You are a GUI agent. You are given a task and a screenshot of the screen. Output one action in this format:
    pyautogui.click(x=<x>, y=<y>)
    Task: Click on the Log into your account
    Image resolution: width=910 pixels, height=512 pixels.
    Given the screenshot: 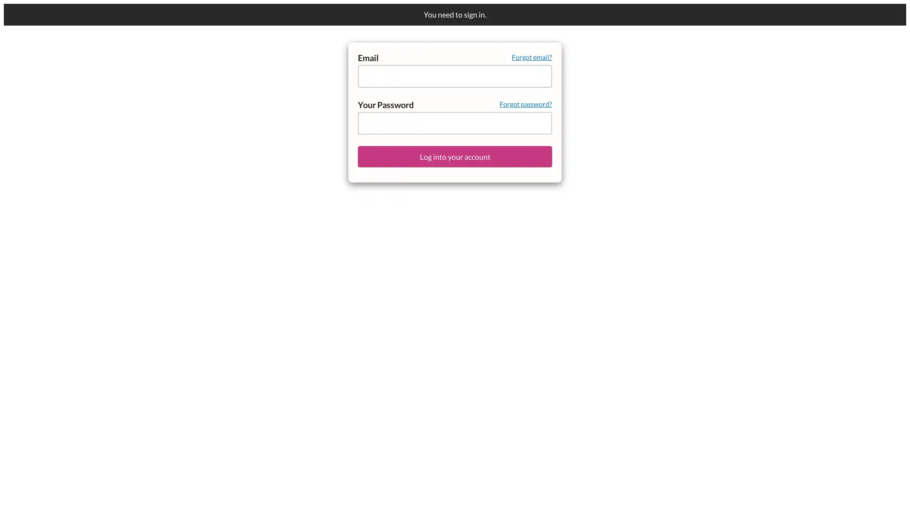 What is the action you would take?
    pyautogui.click(x=455, y=155)
    